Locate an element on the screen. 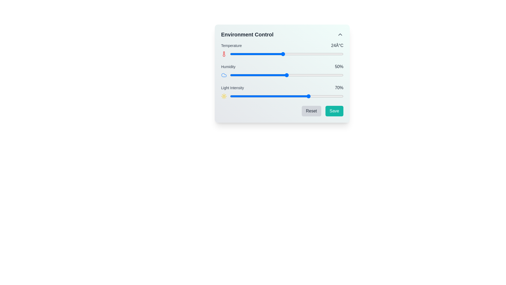 The image size is (506, 285). the temperature slider is located at coordinates (313, 54).